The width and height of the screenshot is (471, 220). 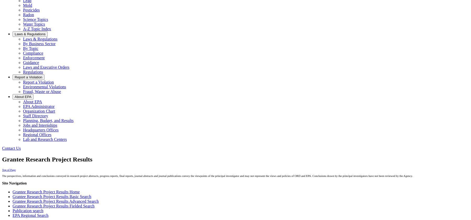 I want to click on 'Grantee Research Project Results Home', so click(x=46, y=192).